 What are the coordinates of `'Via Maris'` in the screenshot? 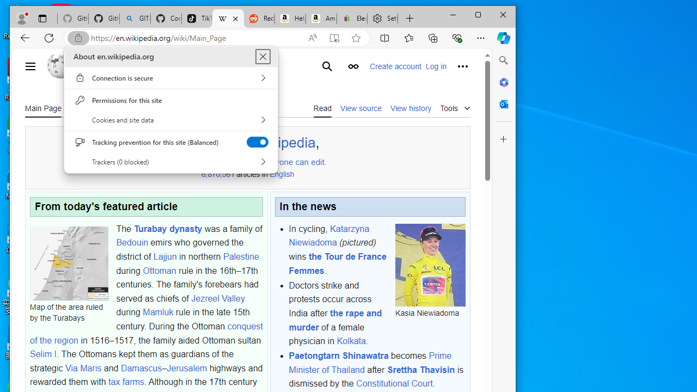 It's located at (82, 367).